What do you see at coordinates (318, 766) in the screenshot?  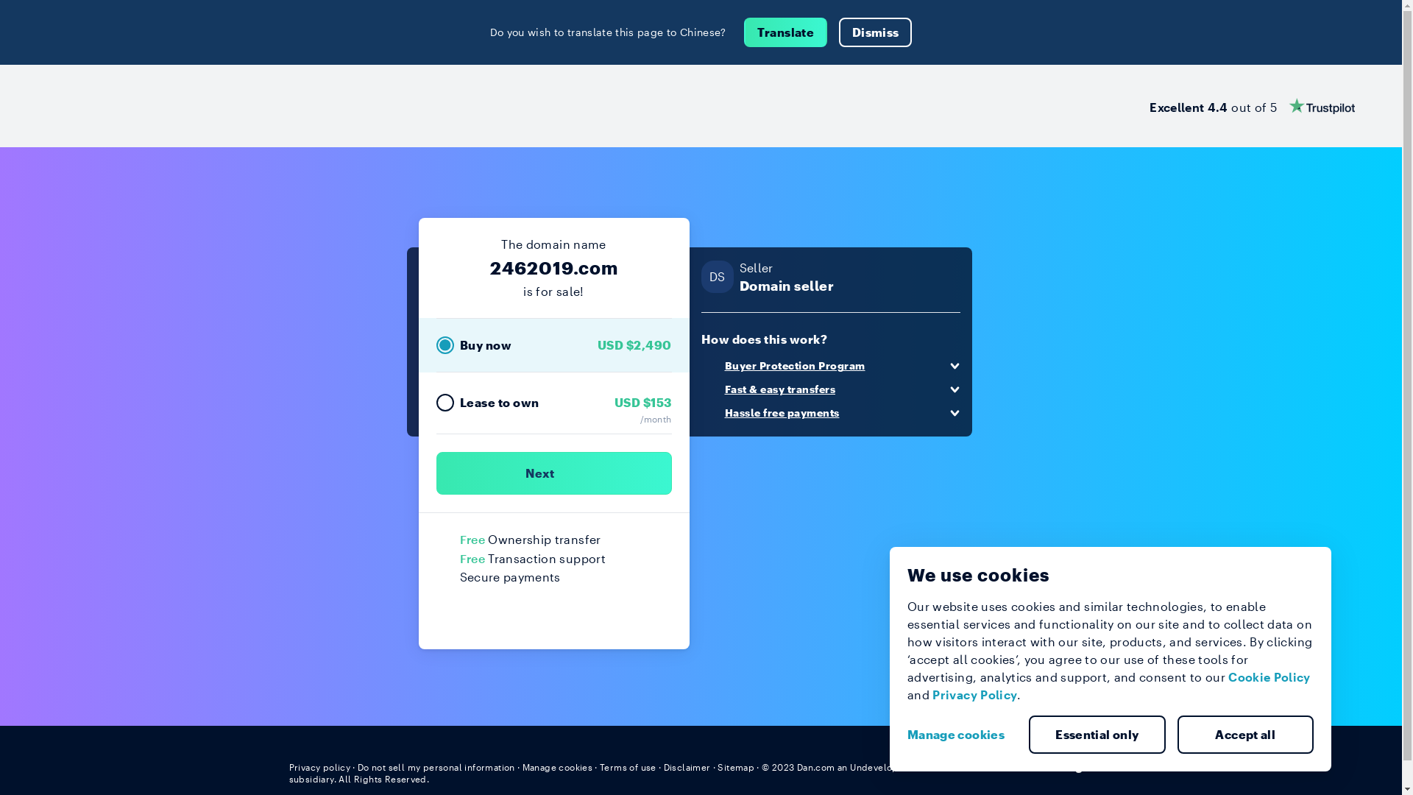 I see `'Privacy policy'` at bounding box center [318, 766].